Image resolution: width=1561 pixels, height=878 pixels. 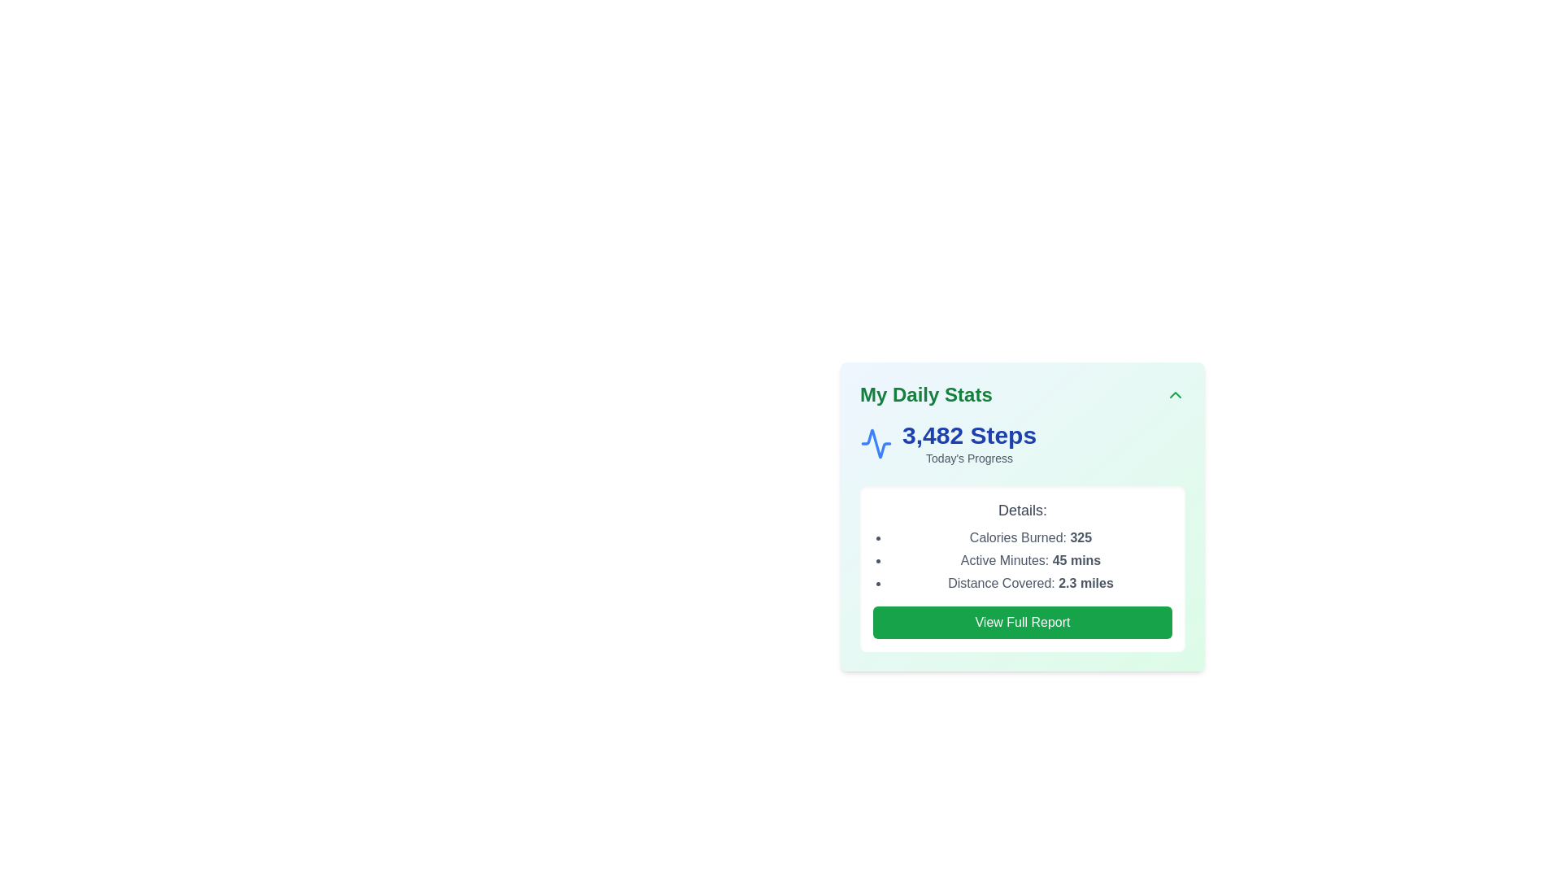 I want to click on information displayed in the vertical Text-based List located under the 'Details:' heading, which contains bullet points and numerical data in bold, so click(x=1029, y=560).